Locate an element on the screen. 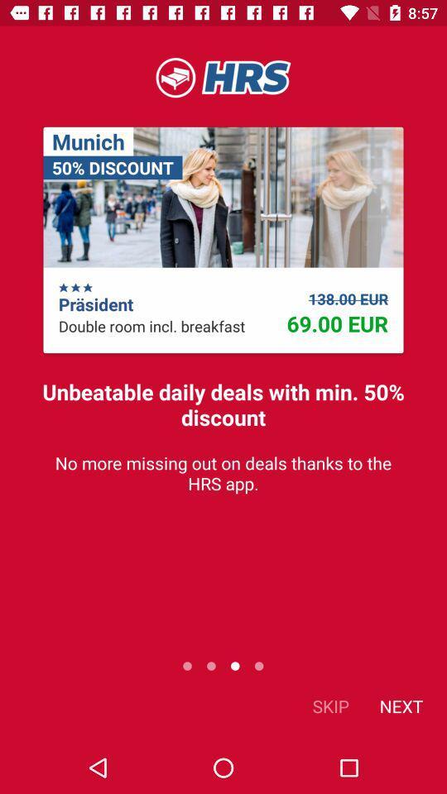 The height and width of the screenshot is (794, 447). skip item is located at coordinates (330, 705).